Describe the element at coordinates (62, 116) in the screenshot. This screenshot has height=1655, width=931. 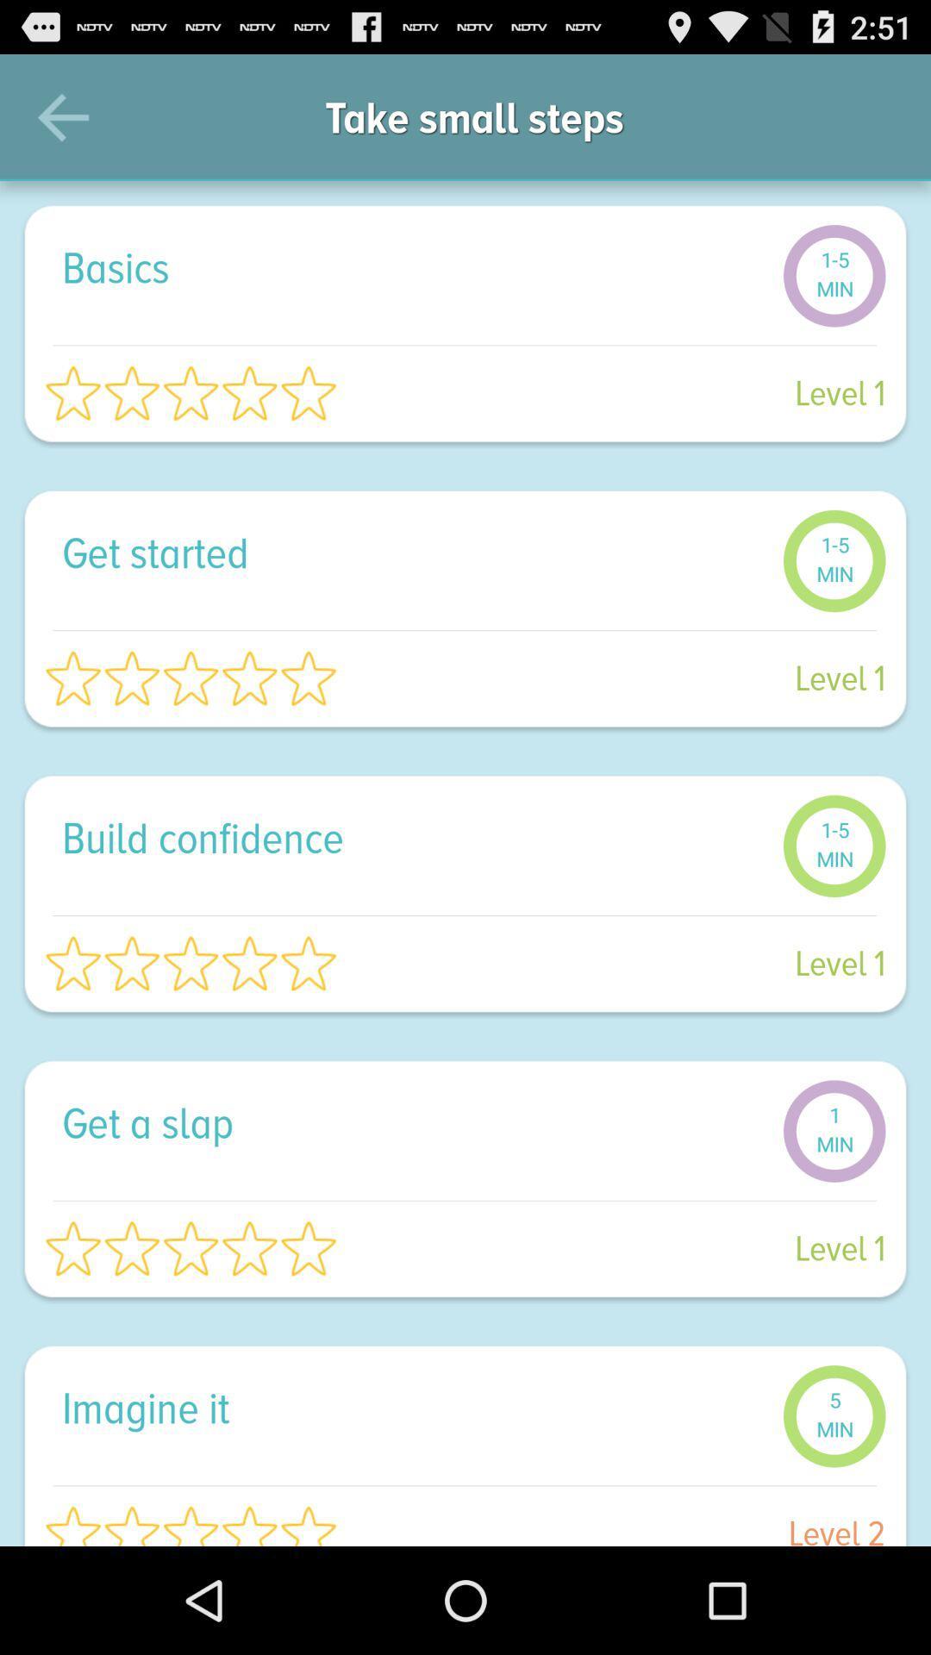
I see `icon next to take small steps icon` at that location.